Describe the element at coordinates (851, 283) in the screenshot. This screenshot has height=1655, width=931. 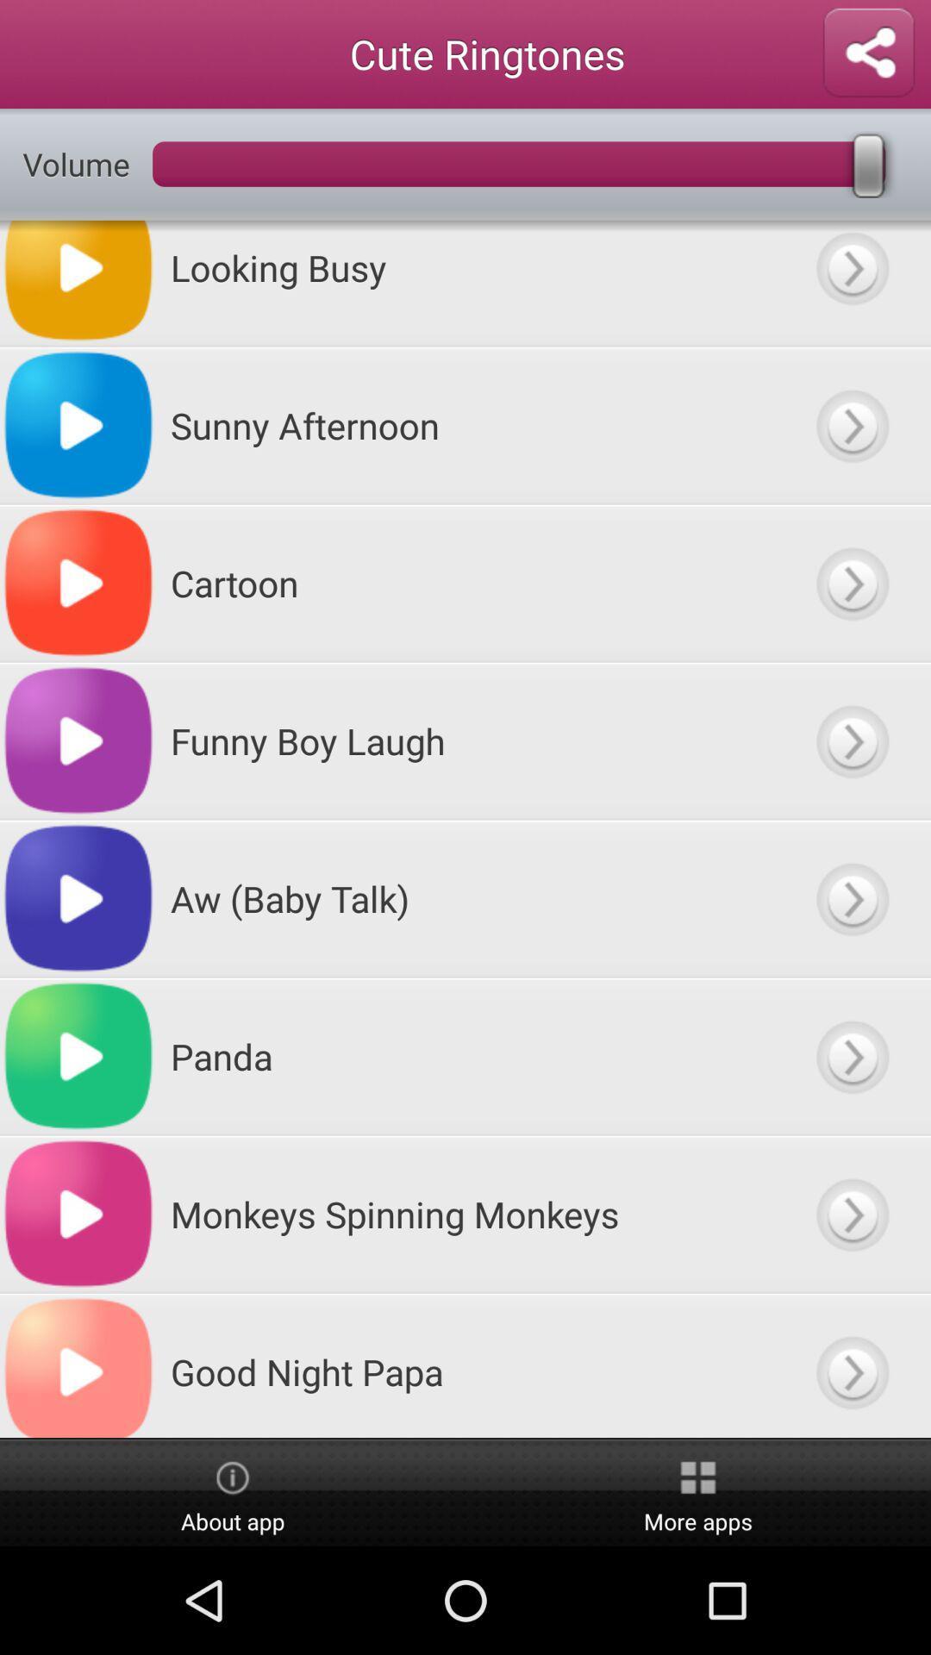
I see `next` at that location.